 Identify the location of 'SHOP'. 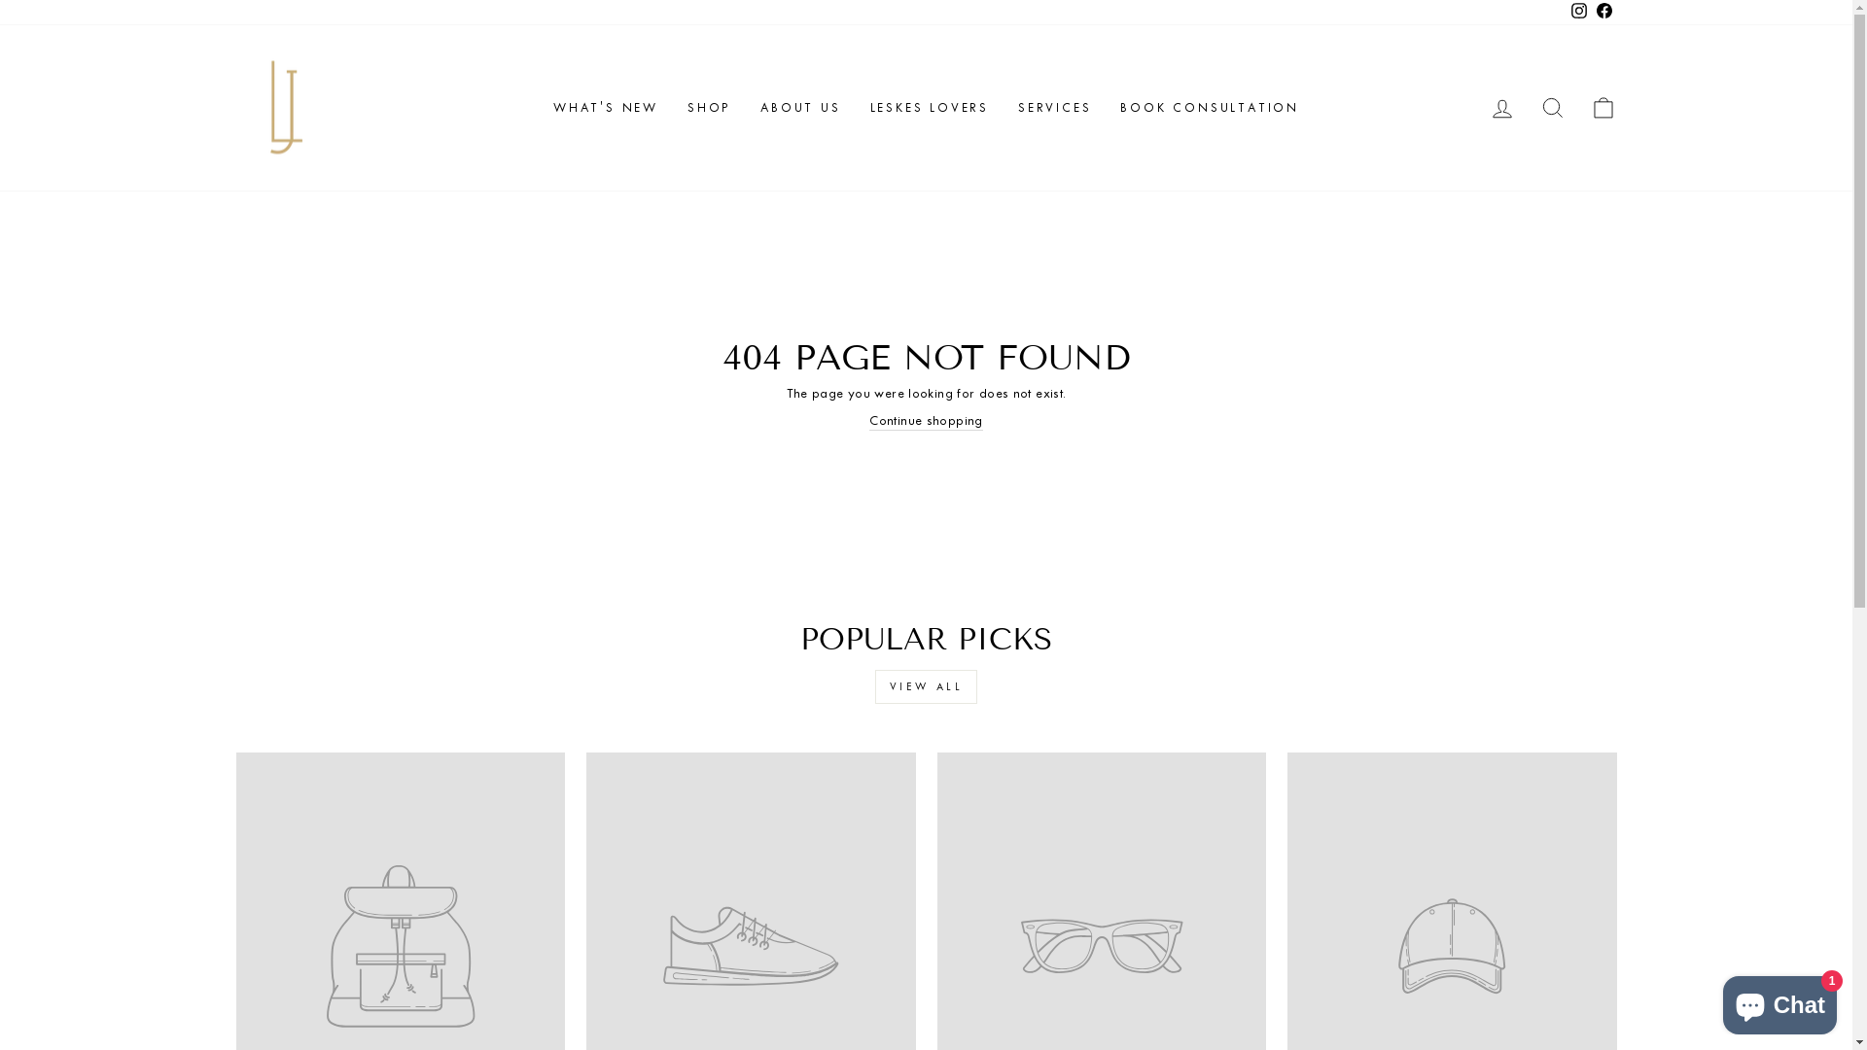
(672, 108).